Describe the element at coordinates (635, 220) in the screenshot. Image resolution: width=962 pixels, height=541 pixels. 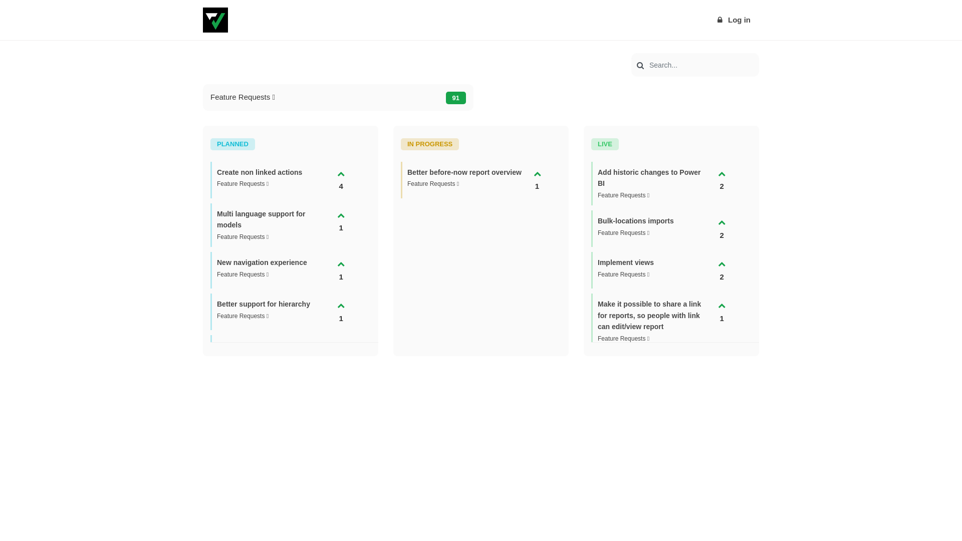
I see `'Bulk-locations imports'` at that location.